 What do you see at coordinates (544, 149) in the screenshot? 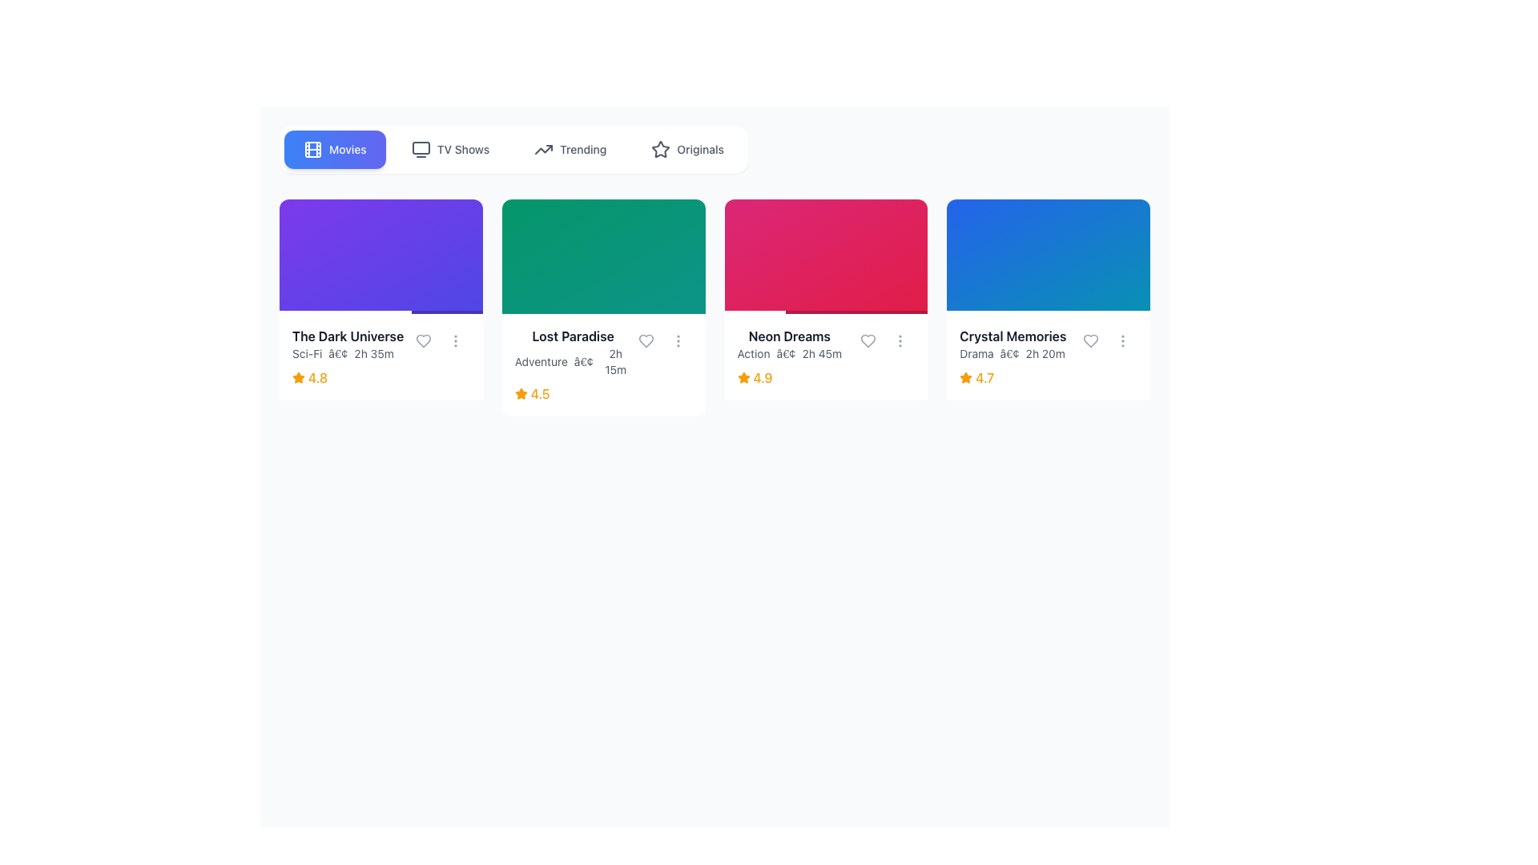
I see `the upward trending arrow icon located next to the 'Trending' text in the navigation bar` at bounding box center [544, 149].